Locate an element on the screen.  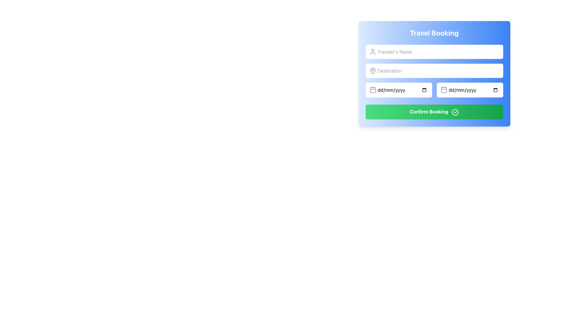
the user profile icon located to the left of the 'Traveler's Name' input field, which serves as a visual indicator for the field's purpose is located at coordinates (372, 51).